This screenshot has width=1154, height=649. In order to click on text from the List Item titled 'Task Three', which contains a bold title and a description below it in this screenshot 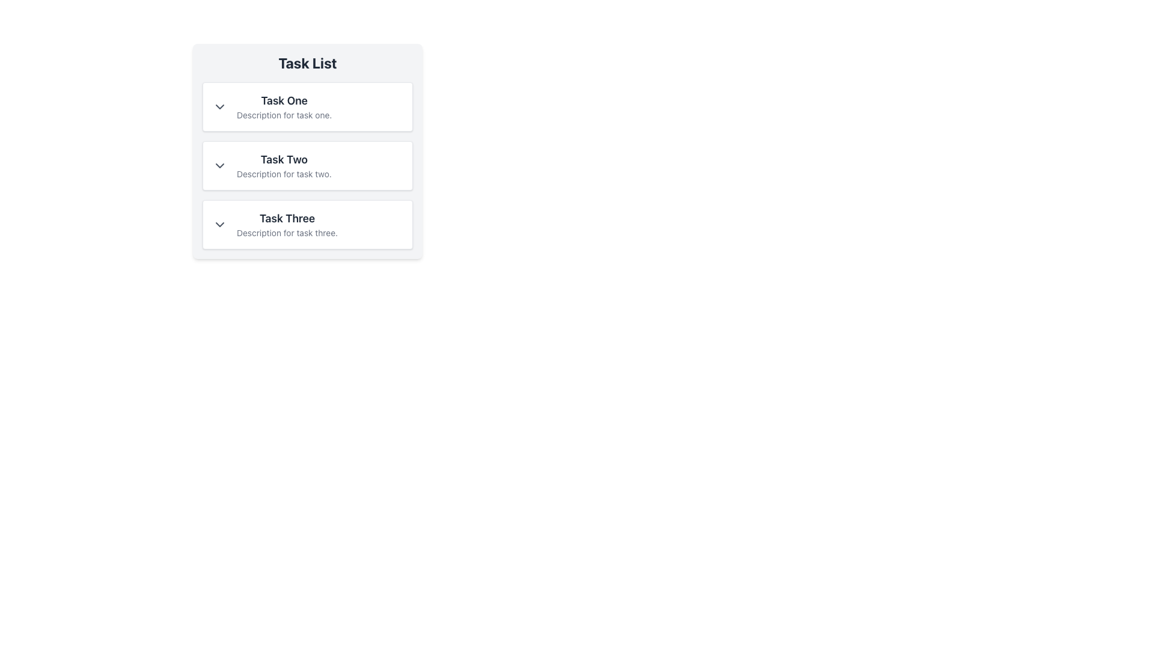, I will do `click(308, 225)`.